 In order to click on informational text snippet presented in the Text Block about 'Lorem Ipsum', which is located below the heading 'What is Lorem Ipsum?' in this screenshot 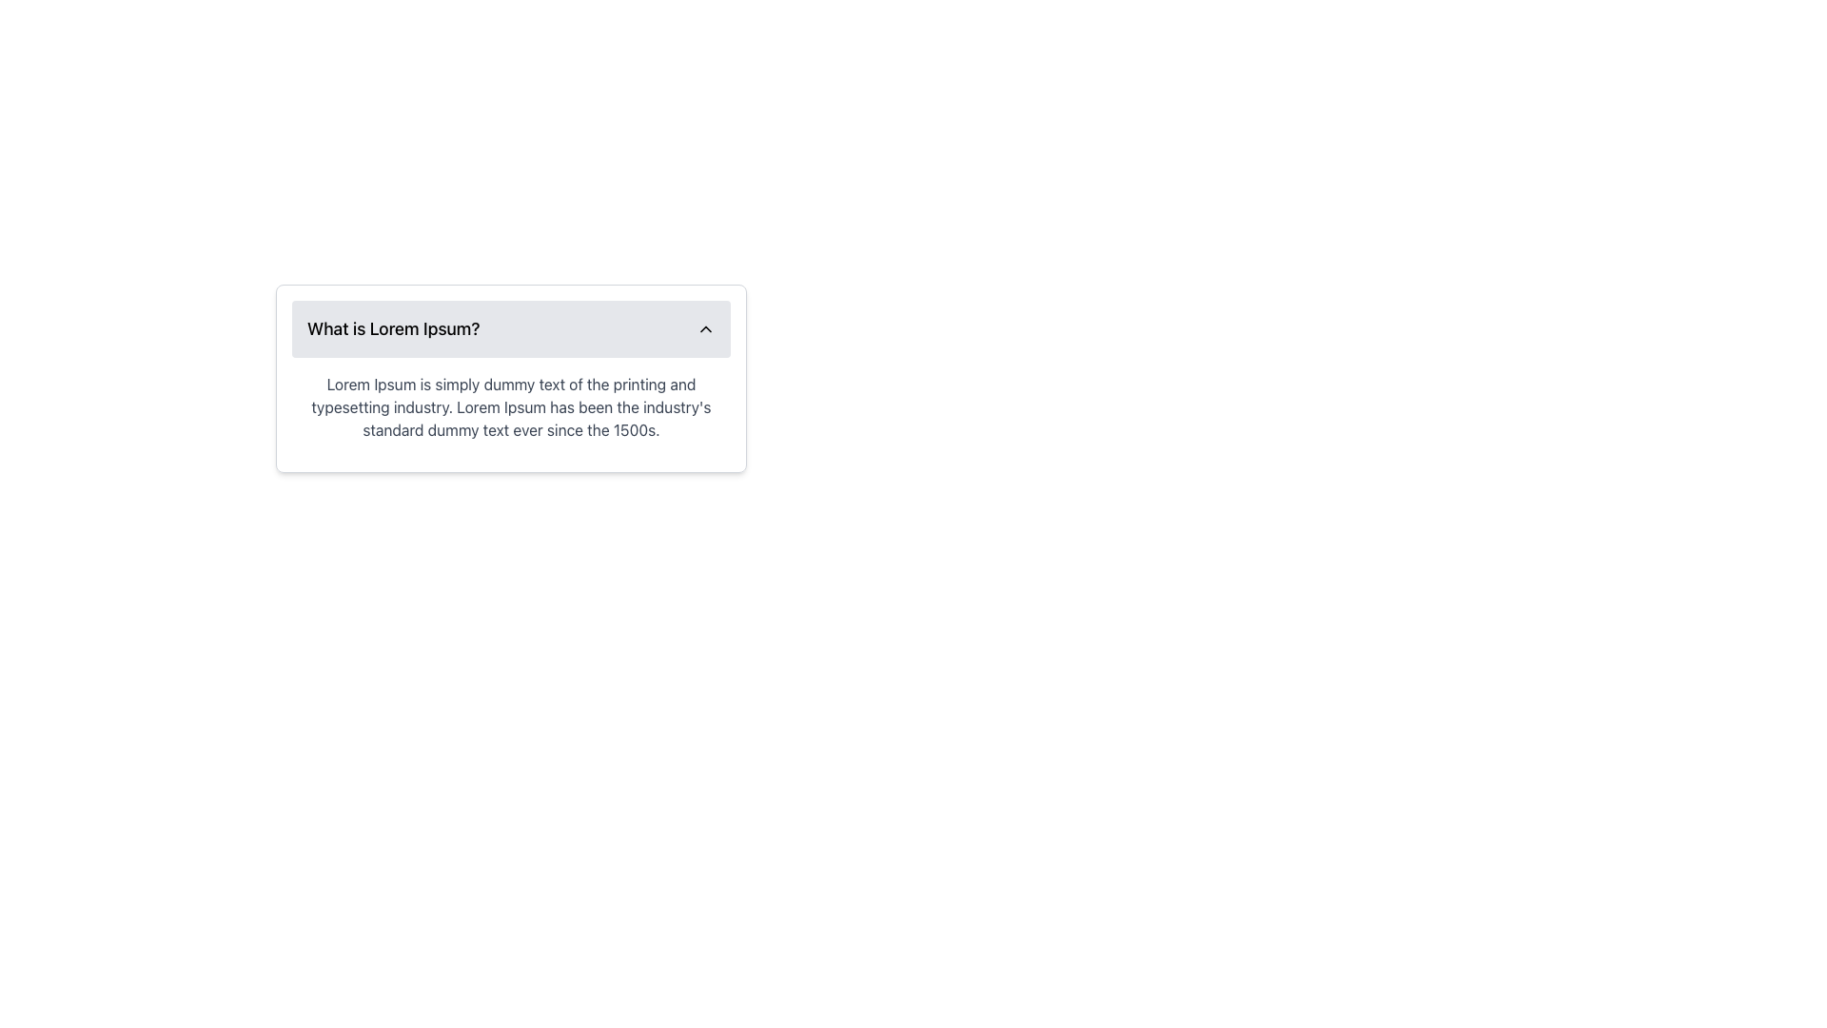, I will do `click(511, 406)`.